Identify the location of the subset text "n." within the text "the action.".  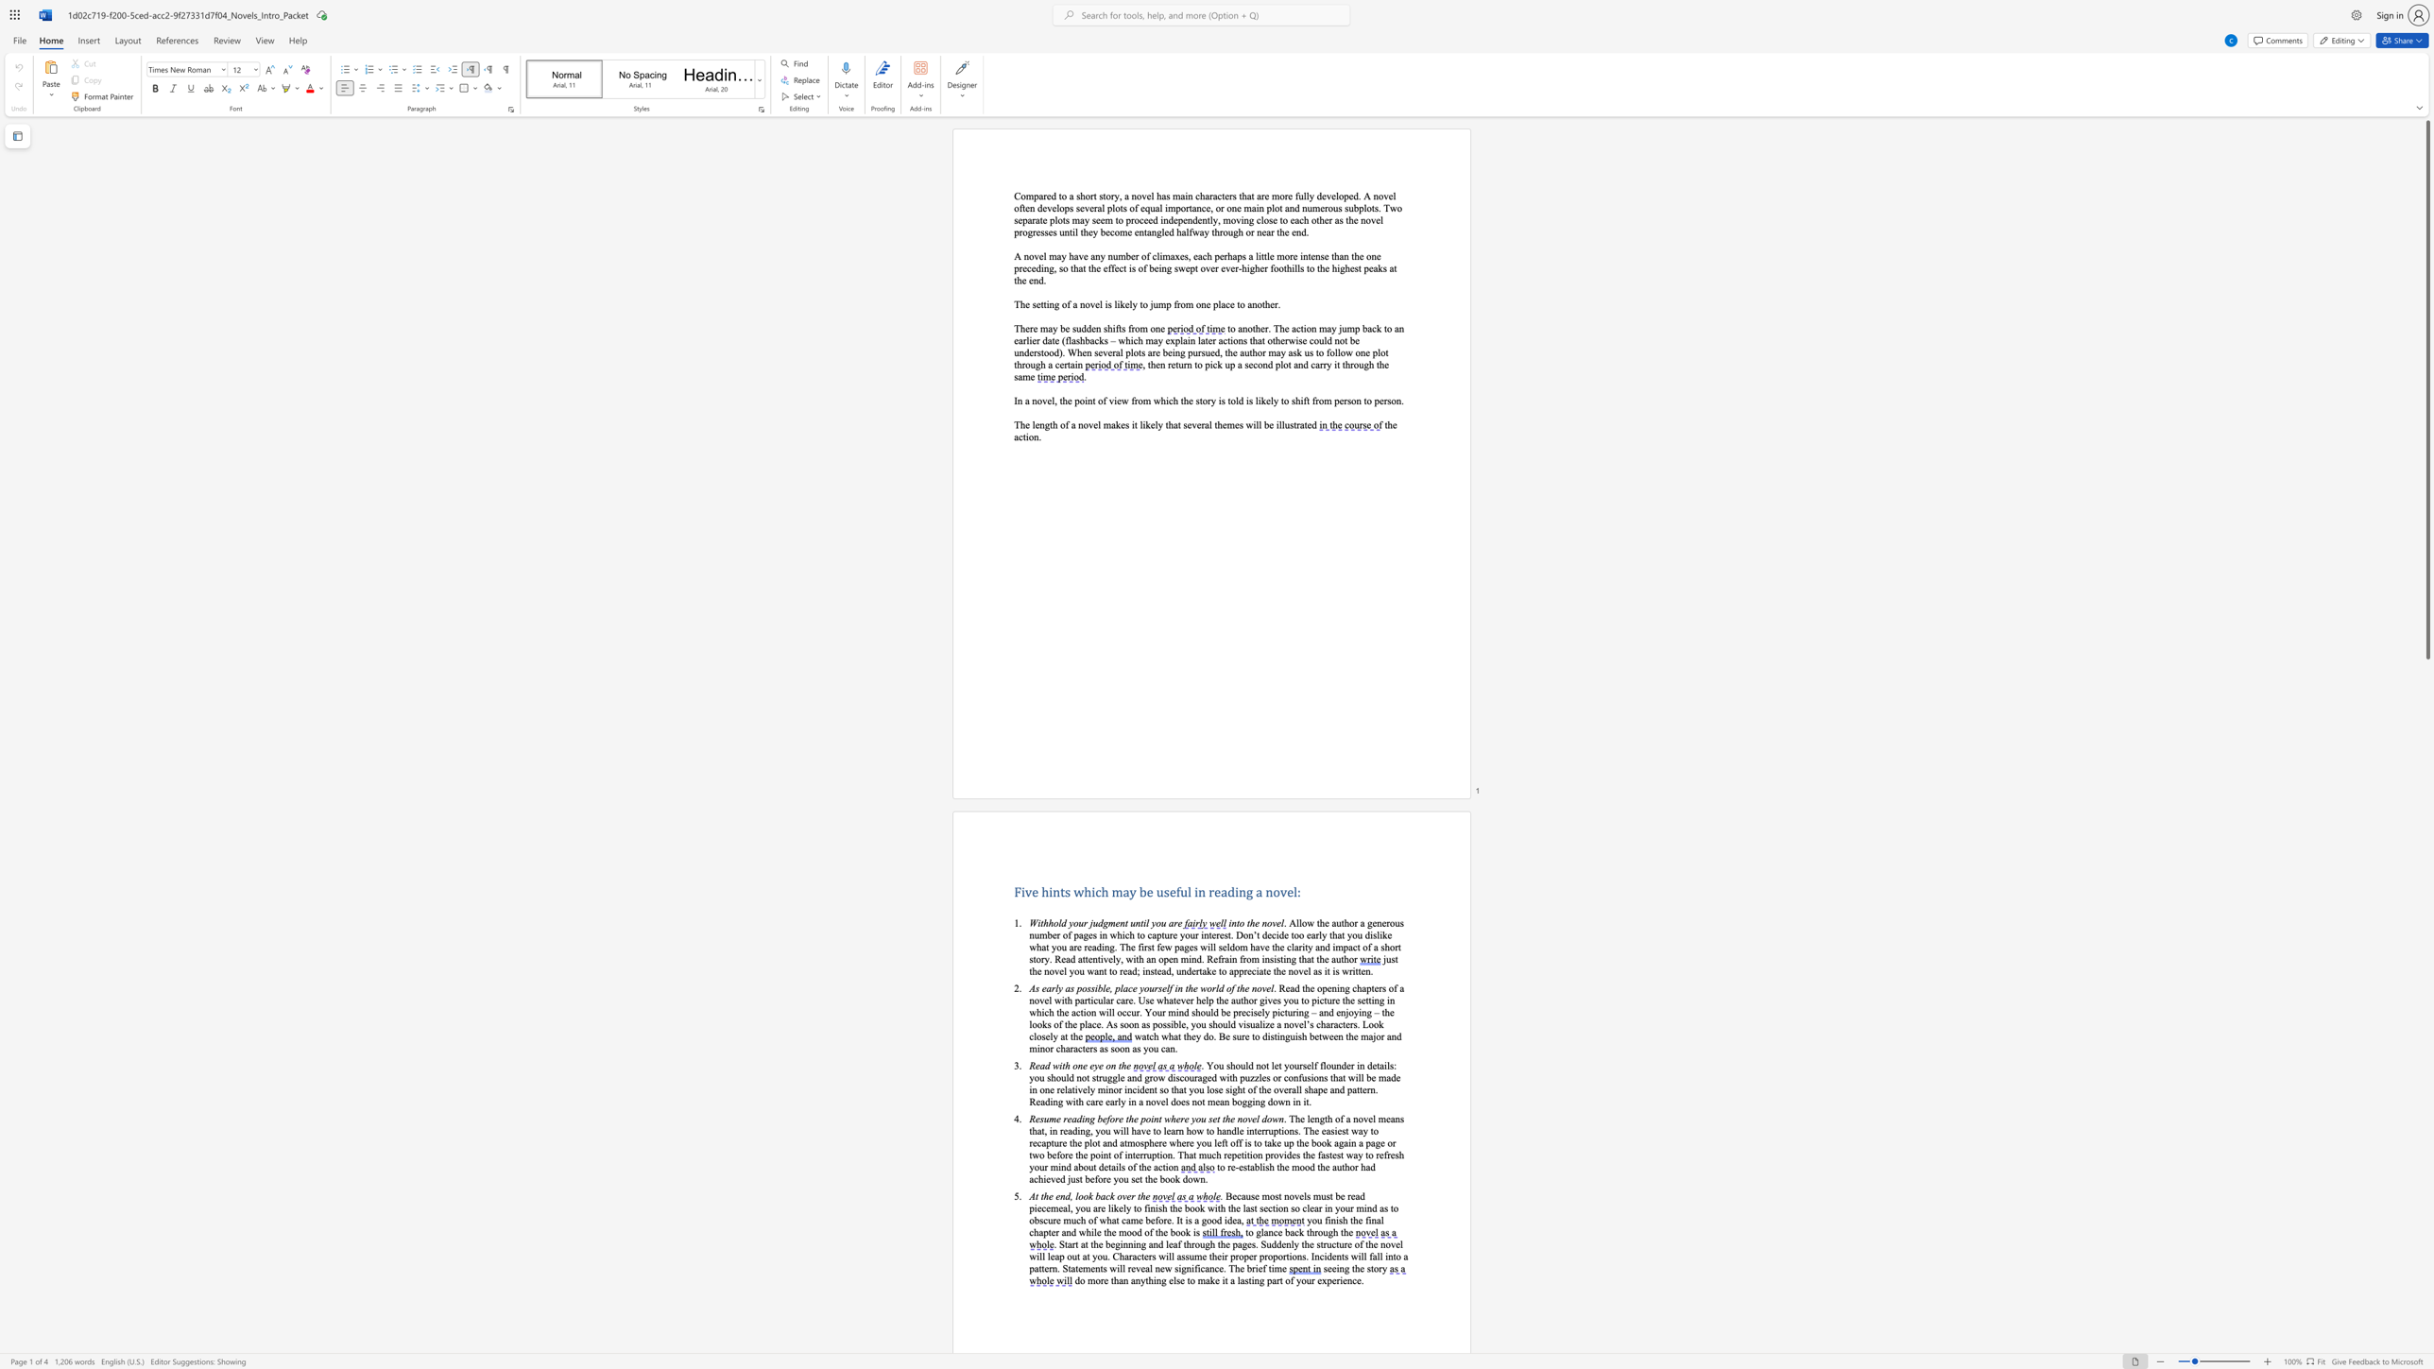
(1033, 436).